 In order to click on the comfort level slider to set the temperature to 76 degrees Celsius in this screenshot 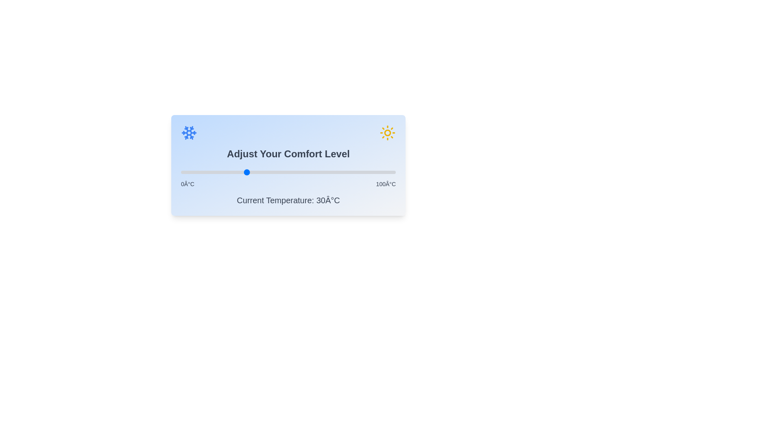, I will do `click(344, 172)`.